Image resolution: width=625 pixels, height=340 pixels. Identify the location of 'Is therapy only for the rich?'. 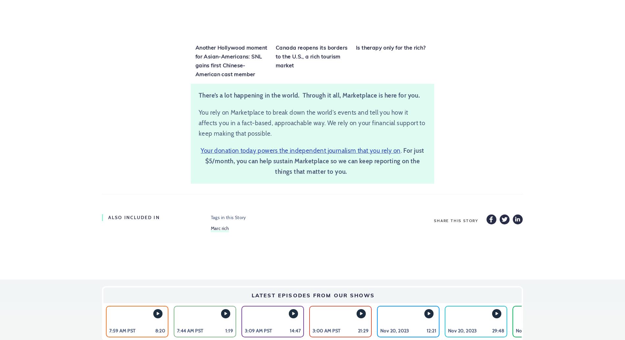
(390, 48).